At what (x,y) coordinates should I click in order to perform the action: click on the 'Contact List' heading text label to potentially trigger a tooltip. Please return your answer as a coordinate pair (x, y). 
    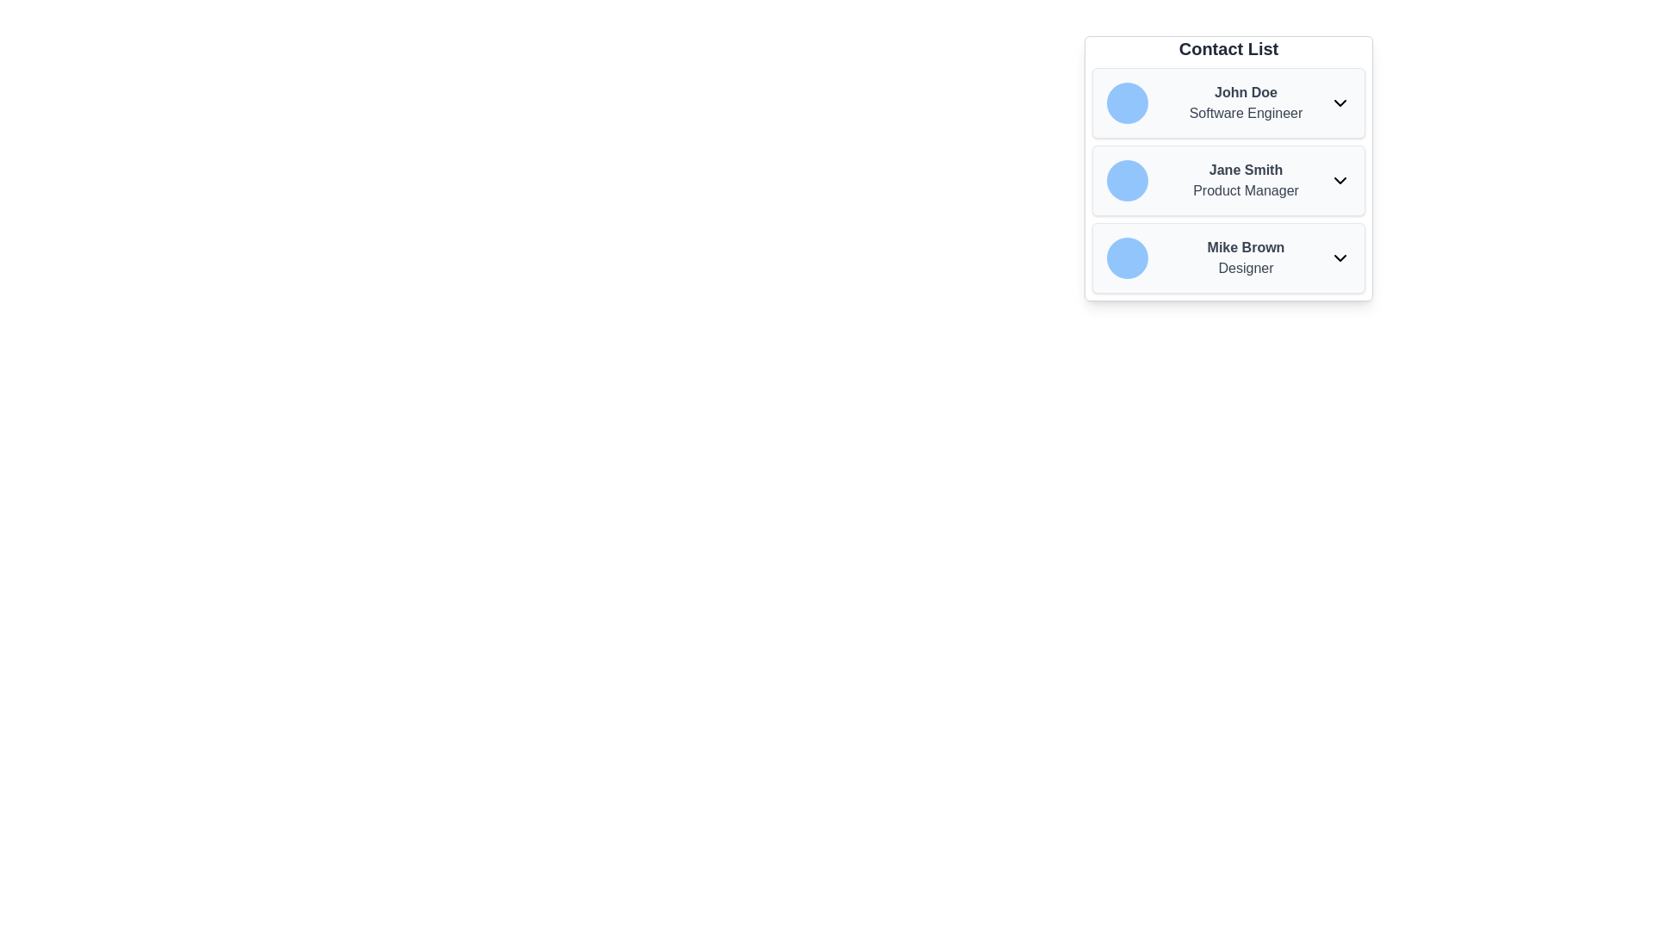
    Looking at the image, I should click on (1228, 48).